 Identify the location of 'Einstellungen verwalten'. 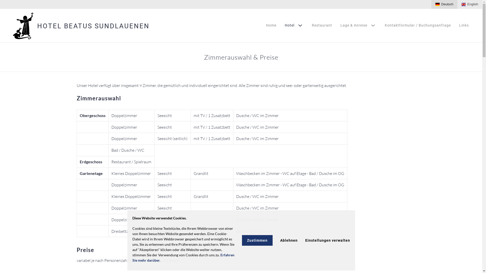
(328, 240).